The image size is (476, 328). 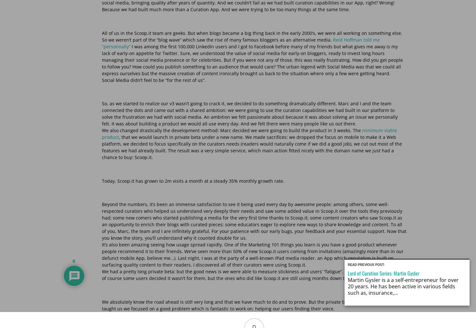 What do you see at coordinates (192, 180) in the screenshot?
I see `'Today, Scoop.it has grown to 2m visits a month at a steady 35% monthly growth rate.'` at bounding box center [192, 180].